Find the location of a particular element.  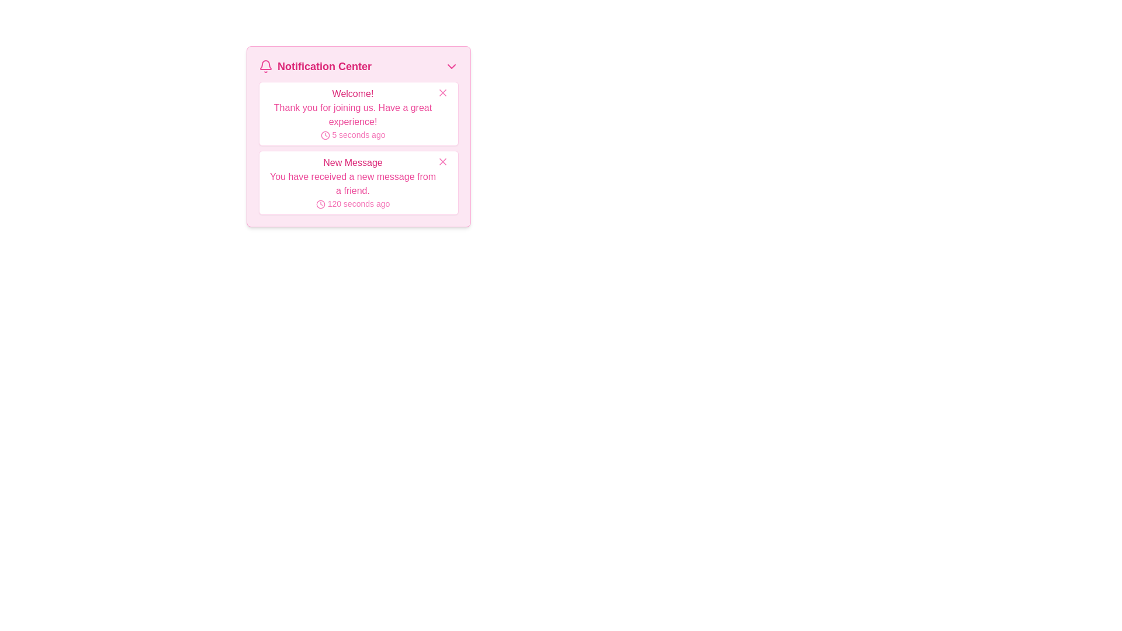

the second notification card in the Notification Center, which has a white background, a pink border, and contains the title 'New Message' is located at coordinates (358, 182).